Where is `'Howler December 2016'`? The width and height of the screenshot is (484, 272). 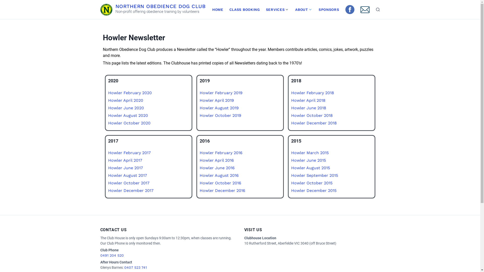 'Howler December 2016' is located at coordinates (222, 190).